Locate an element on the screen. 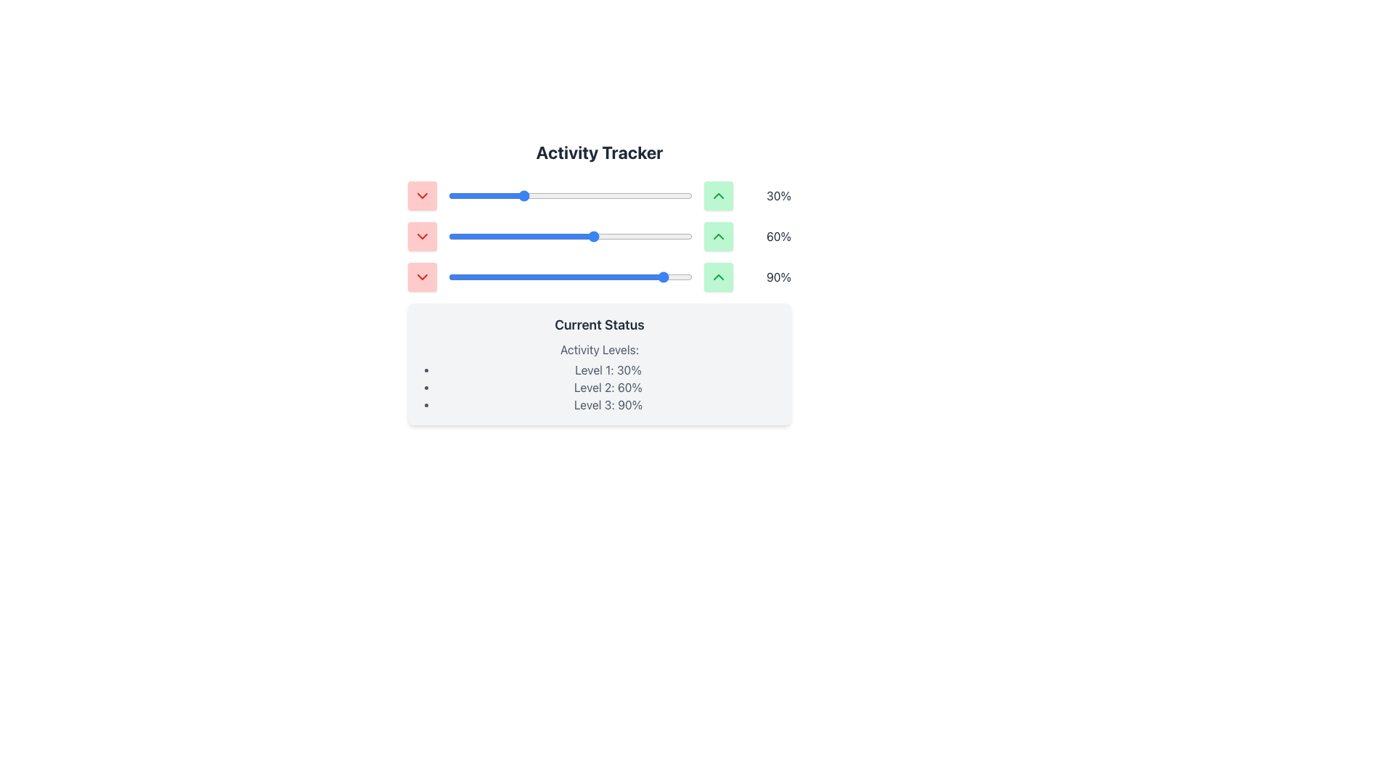 The image size is (1394, 784). the slider value is located at coordinates (572, 236).